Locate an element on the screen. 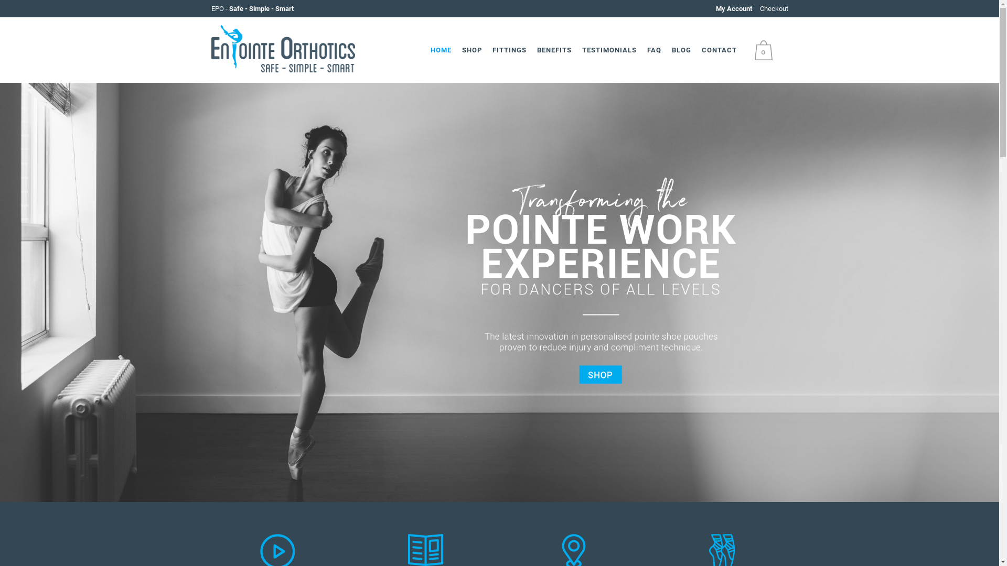 The height and width of the screenshot is (566, 1007). 'HOME' is located at coordinates (441, 50).